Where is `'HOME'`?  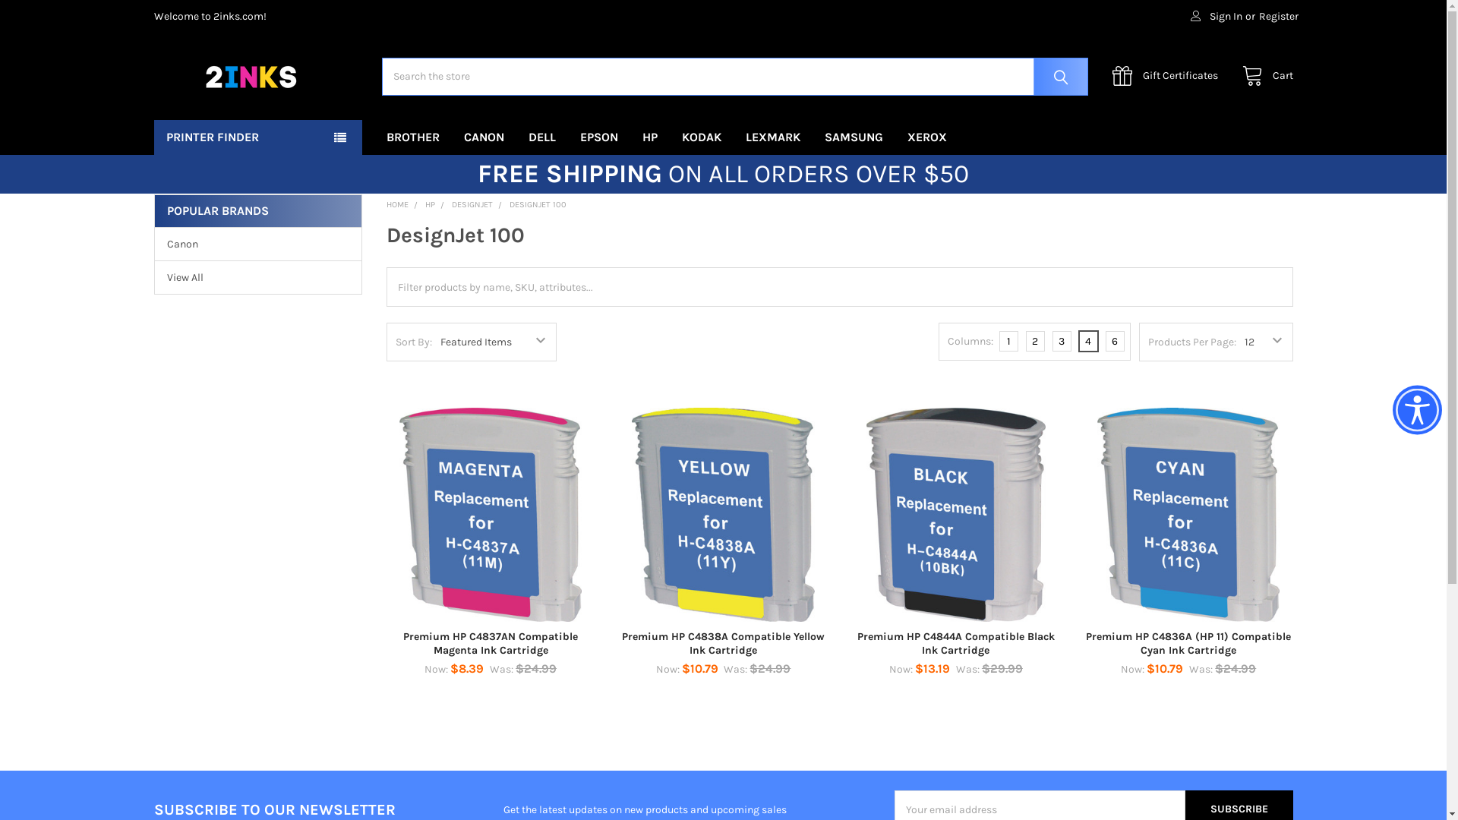 'HOME' is located at coordinates (386, 203).